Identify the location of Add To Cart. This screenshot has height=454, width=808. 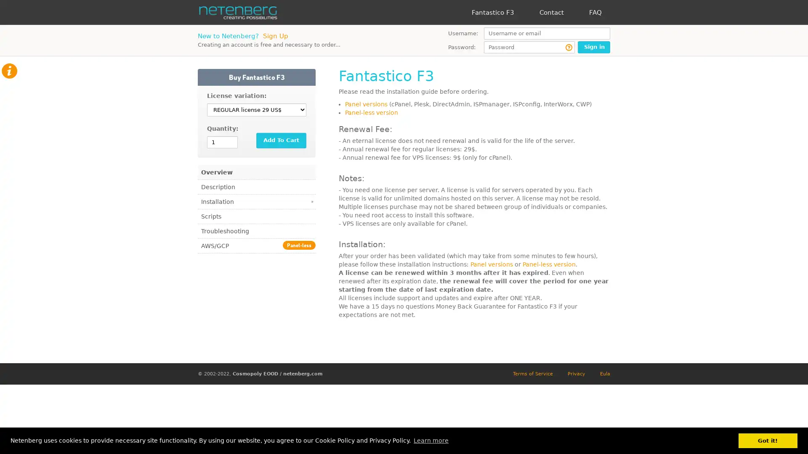
(281, 140).